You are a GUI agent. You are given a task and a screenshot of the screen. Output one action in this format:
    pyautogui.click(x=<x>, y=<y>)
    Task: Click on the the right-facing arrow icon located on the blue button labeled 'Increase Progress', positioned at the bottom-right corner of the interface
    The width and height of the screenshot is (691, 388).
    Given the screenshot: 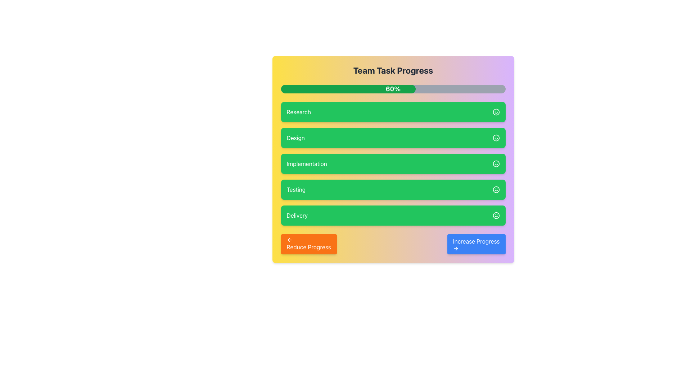 What is the action you would take?
    pyautogui.click(x=455, y=248)
    